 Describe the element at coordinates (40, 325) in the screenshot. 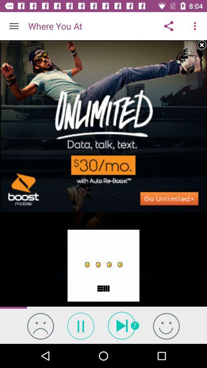

I see `the emoji icon` at that location.